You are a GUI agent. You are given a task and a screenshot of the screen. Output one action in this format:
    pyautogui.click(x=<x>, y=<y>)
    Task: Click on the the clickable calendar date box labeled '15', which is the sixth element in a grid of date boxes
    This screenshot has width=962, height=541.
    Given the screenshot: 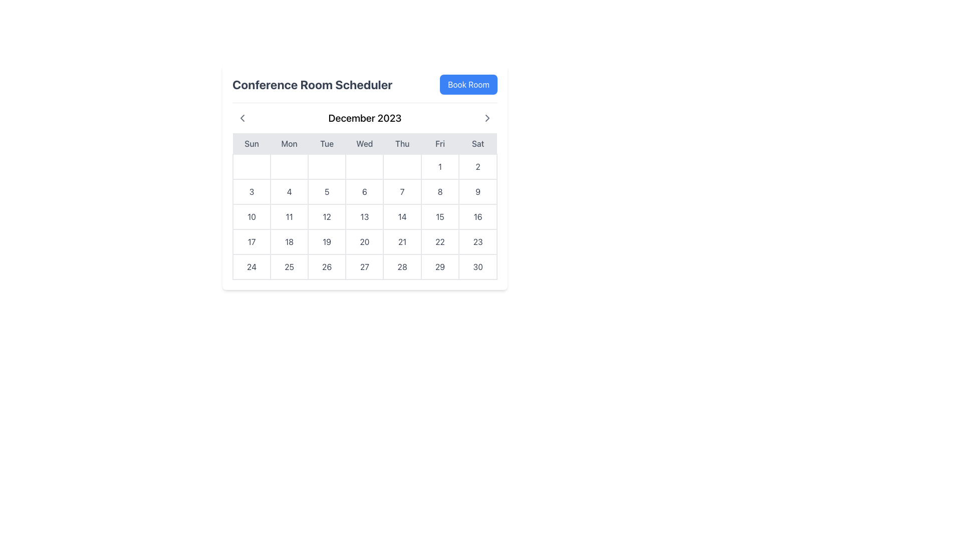 What is the action you would take?
    pyautogui.click(x=440, y=216)
    